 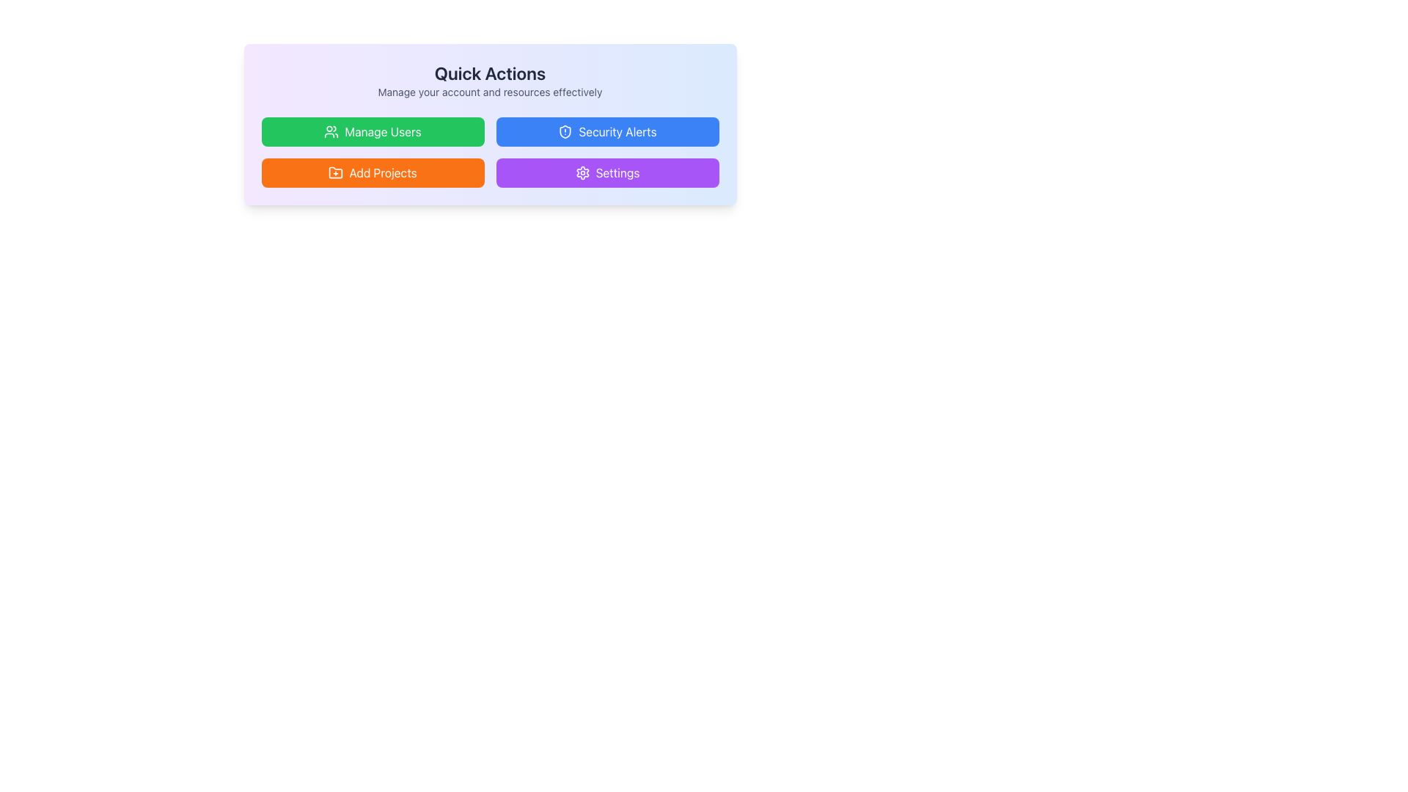 I want to click on the small blue outlined shield icon with an exclamation mark, located to the left of the 'Security Alerts' button in the 'Quick Actions' grid, so click(x=565, y=132).